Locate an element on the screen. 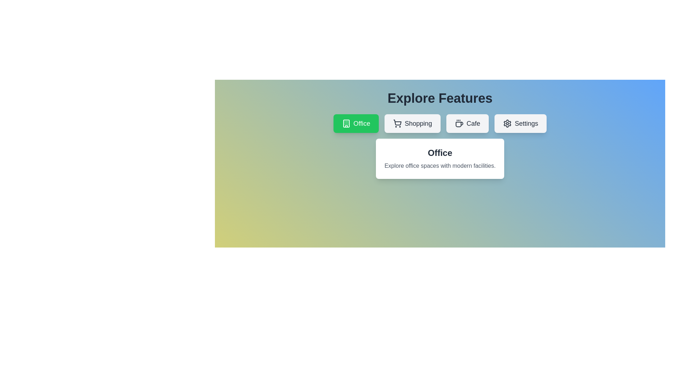  the tab labeled Cafe is located at coordinates (468, 123).